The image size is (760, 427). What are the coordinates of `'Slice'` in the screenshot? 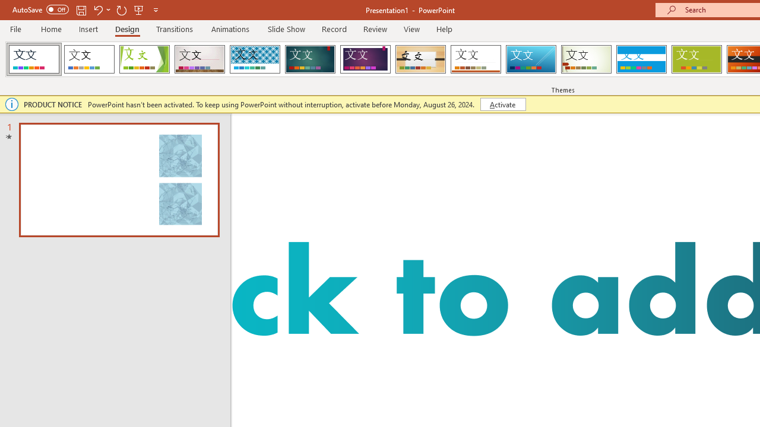 It's located at (530, 59).